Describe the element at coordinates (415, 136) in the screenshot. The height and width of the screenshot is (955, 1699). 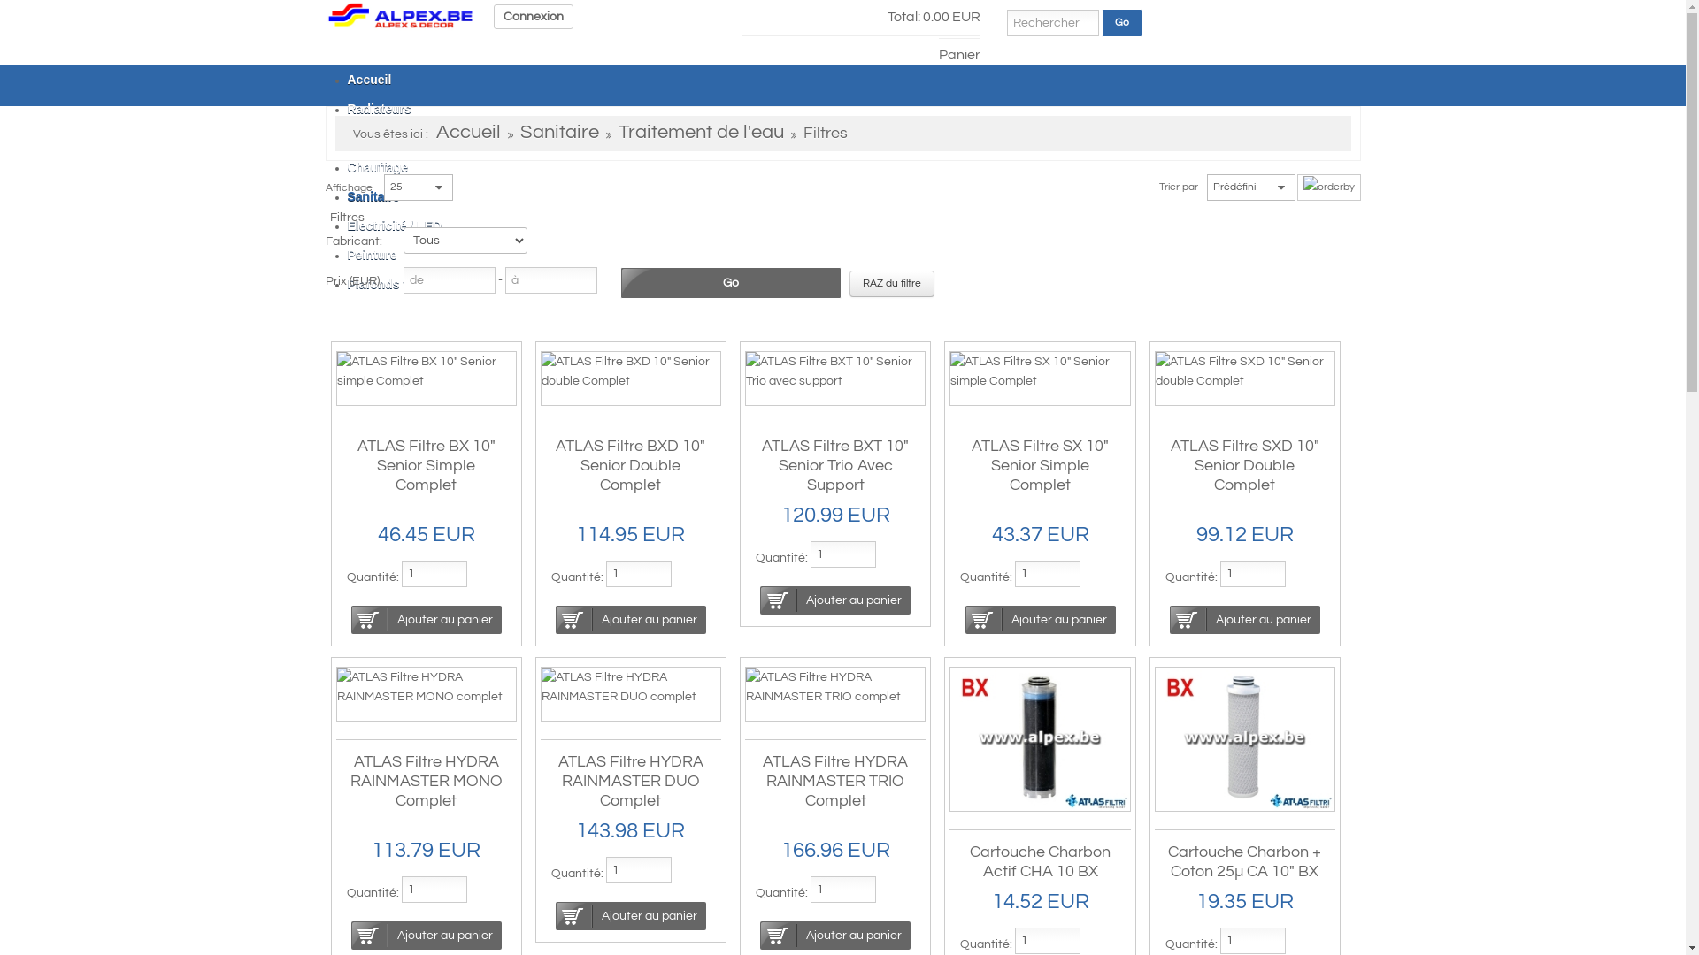
I see `'Raccordement - Tuyaux'` at that location.